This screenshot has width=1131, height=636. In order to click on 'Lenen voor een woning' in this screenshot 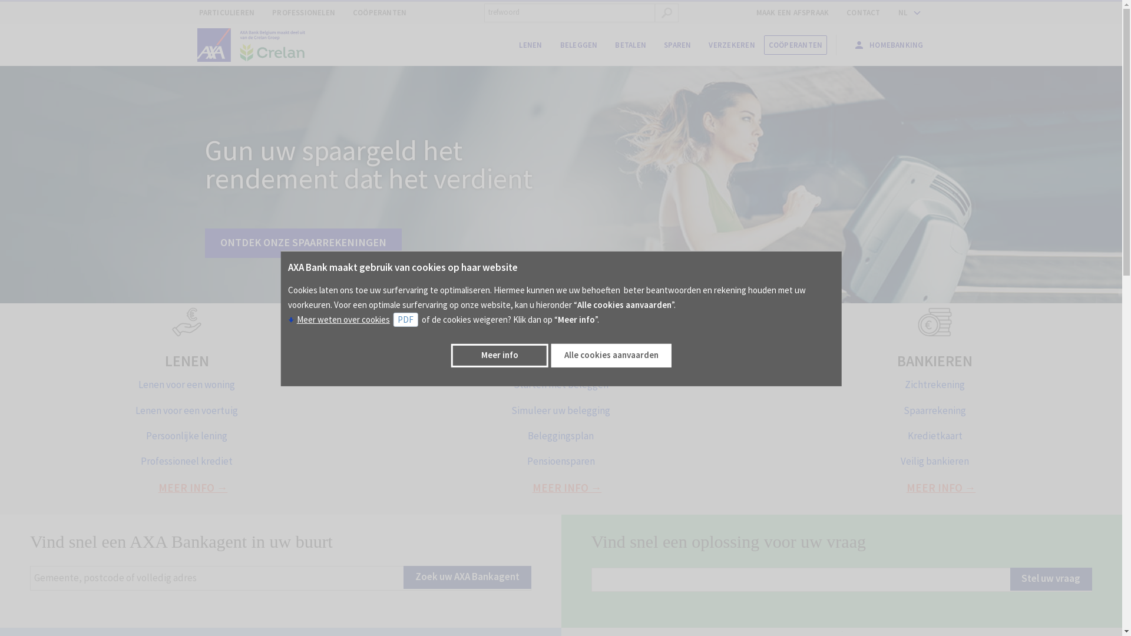, I will do `click(186, 384)`.